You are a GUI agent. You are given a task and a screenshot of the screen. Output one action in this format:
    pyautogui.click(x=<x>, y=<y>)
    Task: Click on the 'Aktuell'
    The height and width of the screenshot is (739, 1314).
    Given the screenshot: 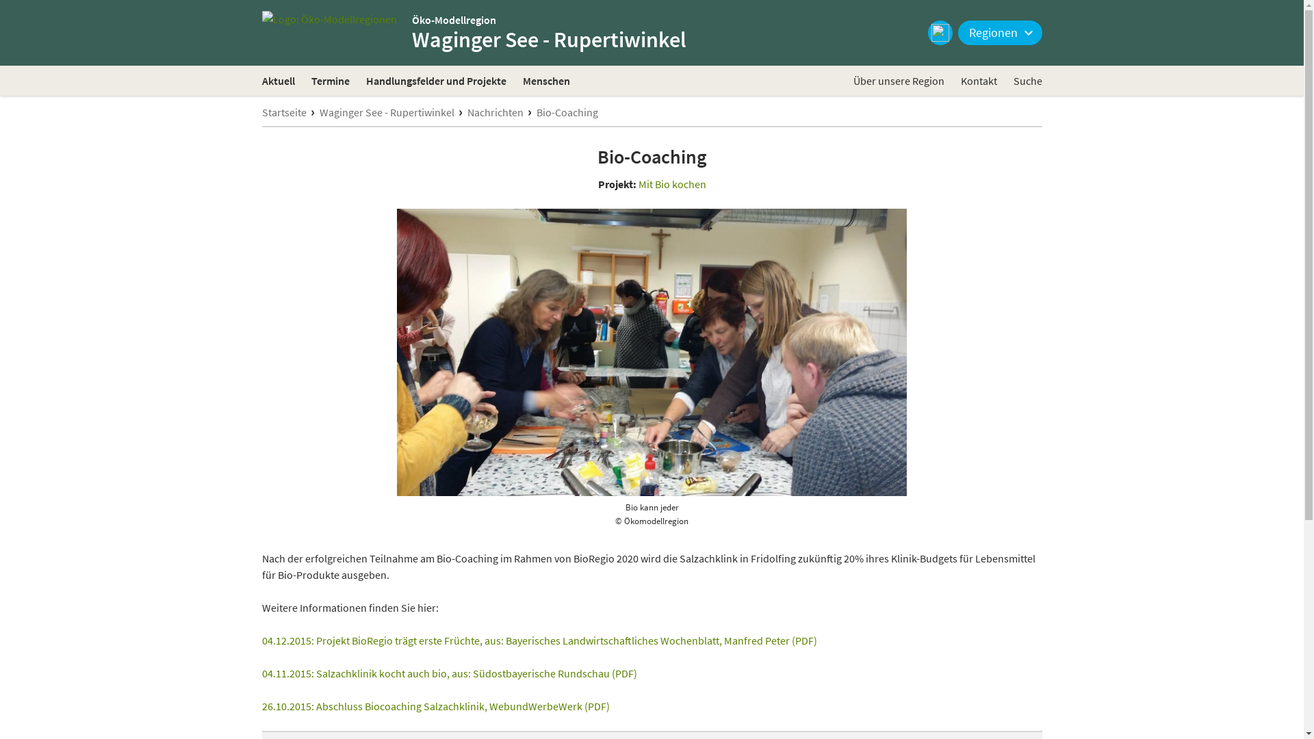 What is the action you would take?
    pyautogui.click(x=277, y=81)
    